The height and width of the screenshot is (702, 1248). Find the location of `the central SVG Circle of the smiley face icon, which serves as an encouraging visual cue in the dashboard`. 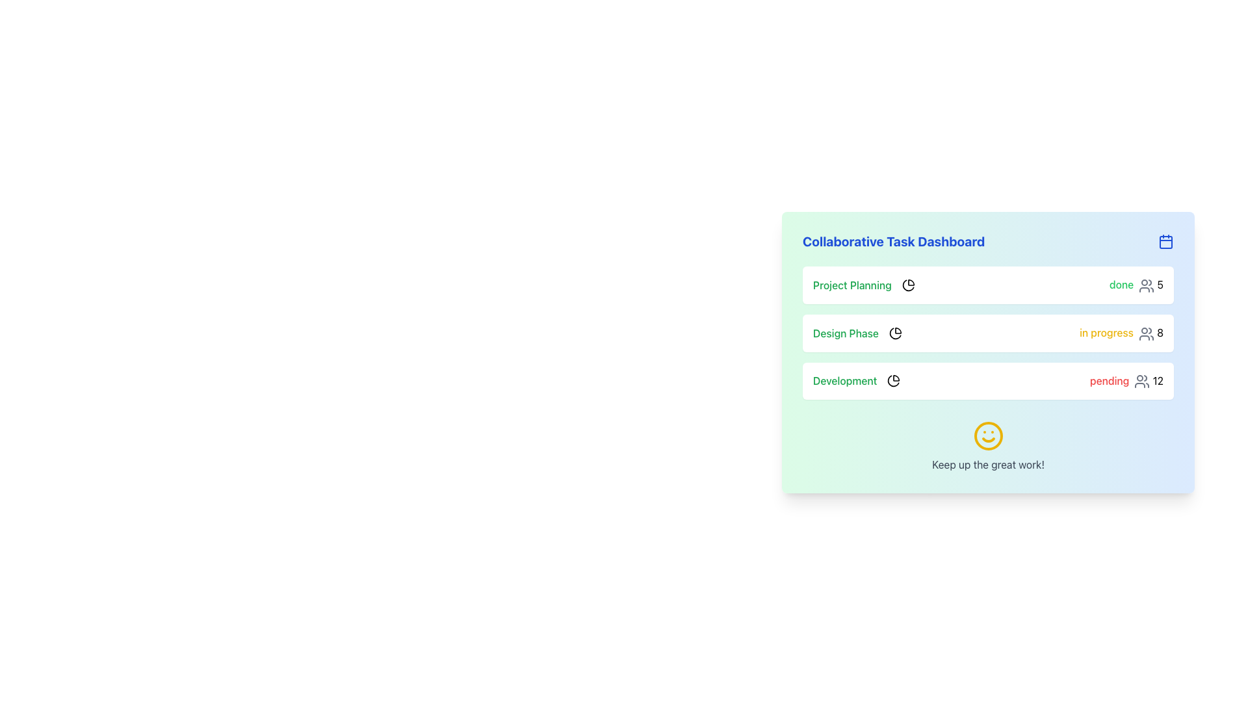

the central SVG Circle of the smiley face icon, which serves as an encouraging visual cue in the dashboard is located at coordinates (988, 436).